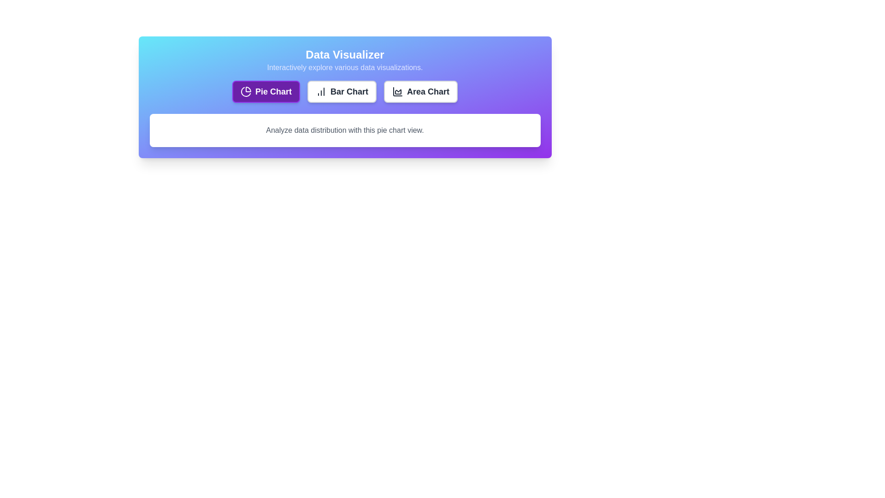 Image resolution: width=885 pixels, height=498 pixels. I want to click on the button to select the chart type Area Chart, so click(420, 92).